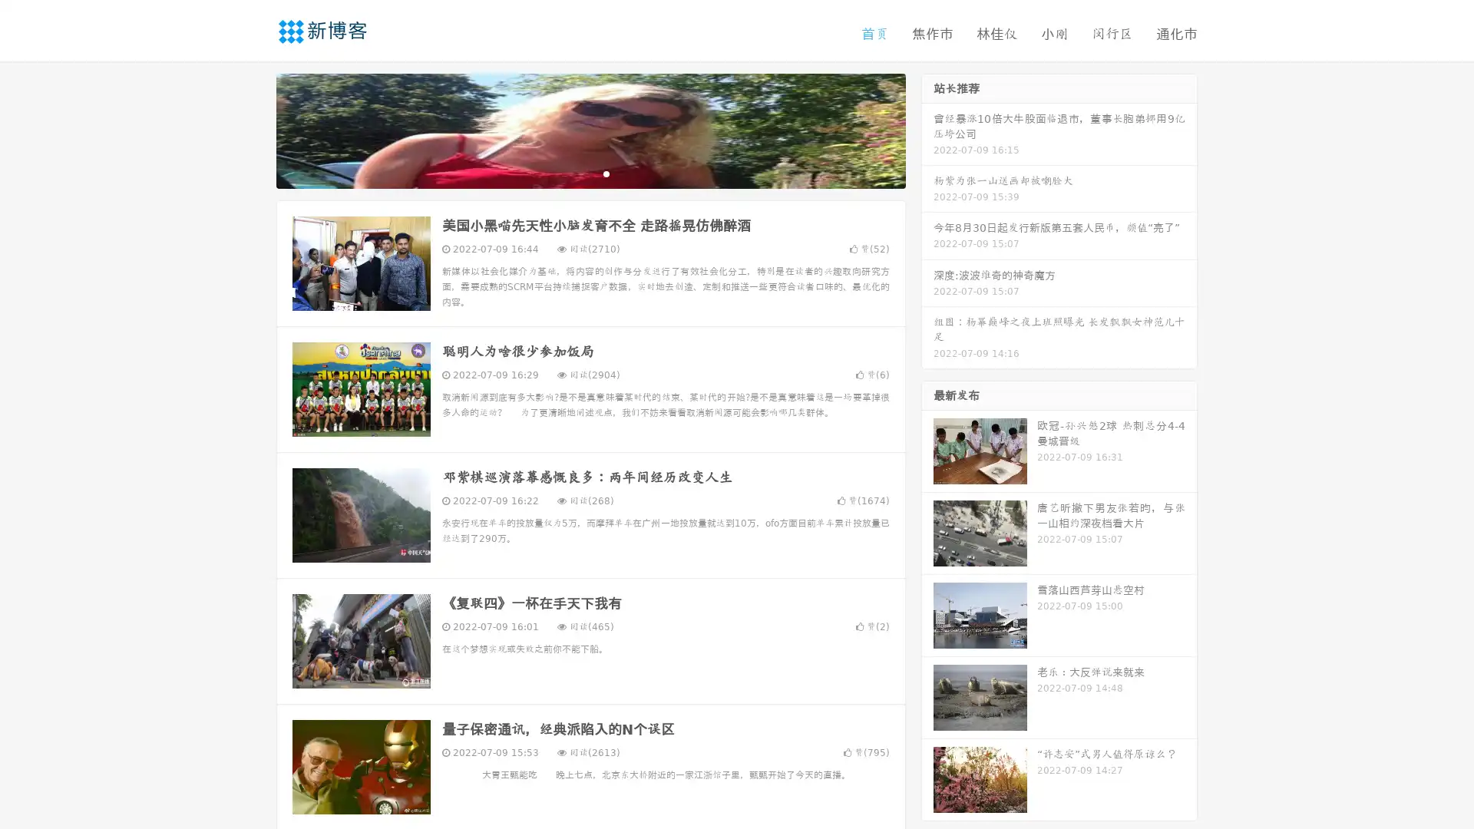  Describe the element at coordinates (590, 173) in the screenshot. I see `Go to slide 2` at that location.